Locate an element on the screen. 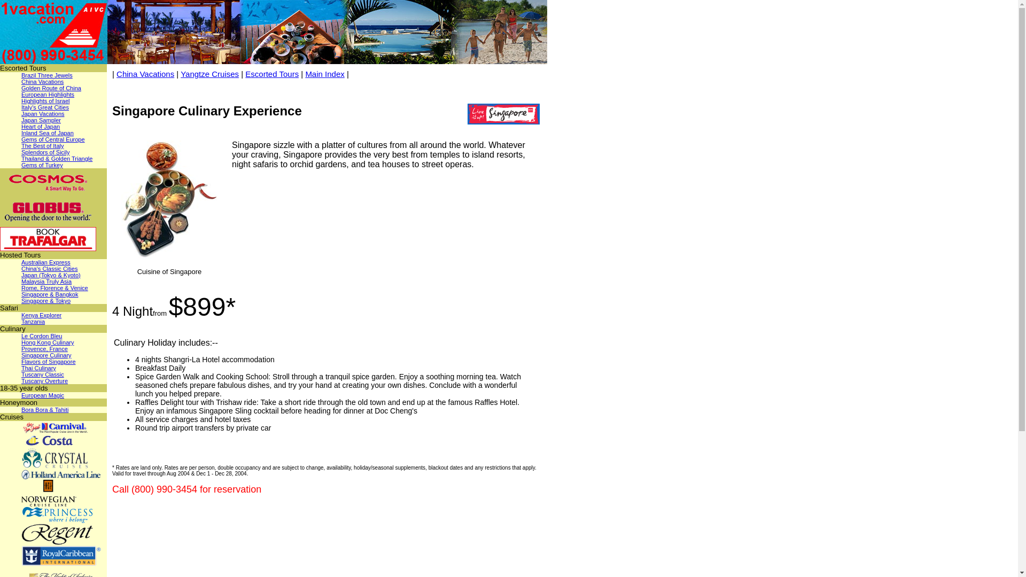  'Bora Bora & Tahiti' is located at coordinates (44, 409).